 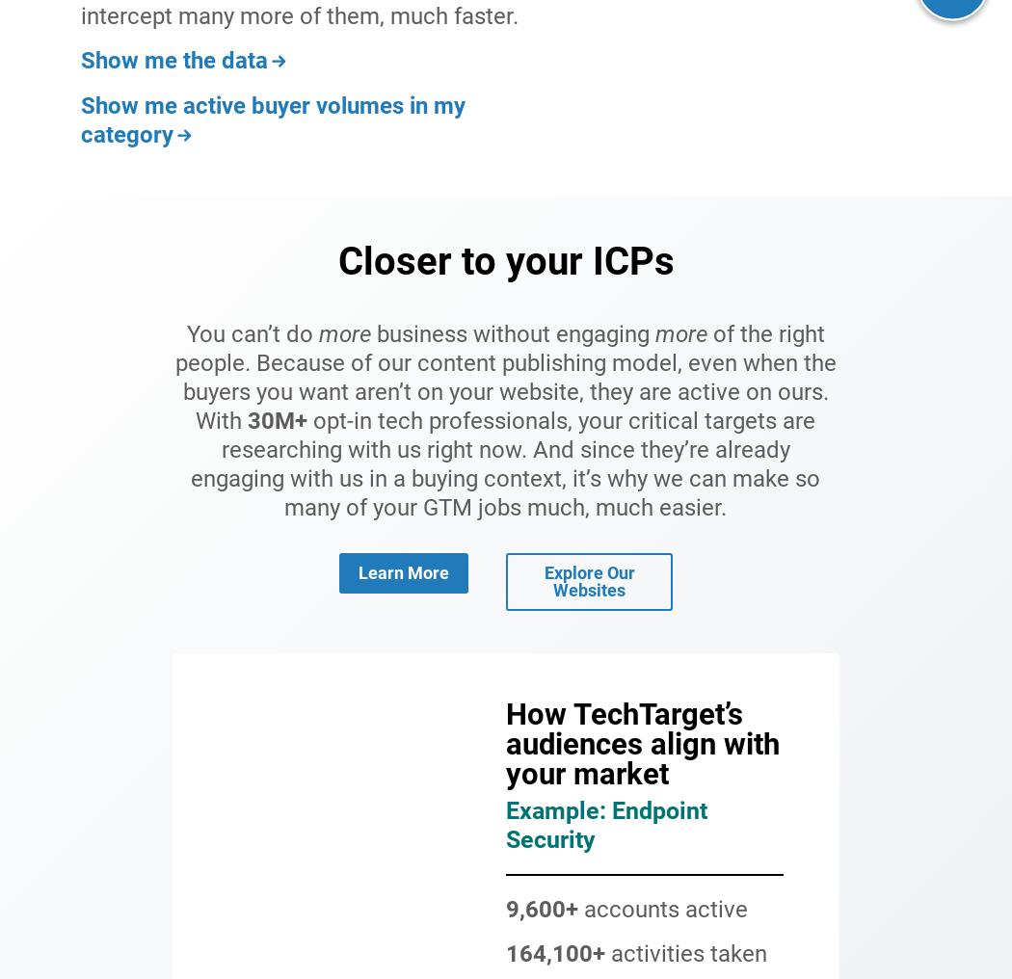 I want to click on 'of the right people. Because of our content publishing model, even when the buyers you want aren’t on your website, they are active on ours. With', so click(x=503, y=375).